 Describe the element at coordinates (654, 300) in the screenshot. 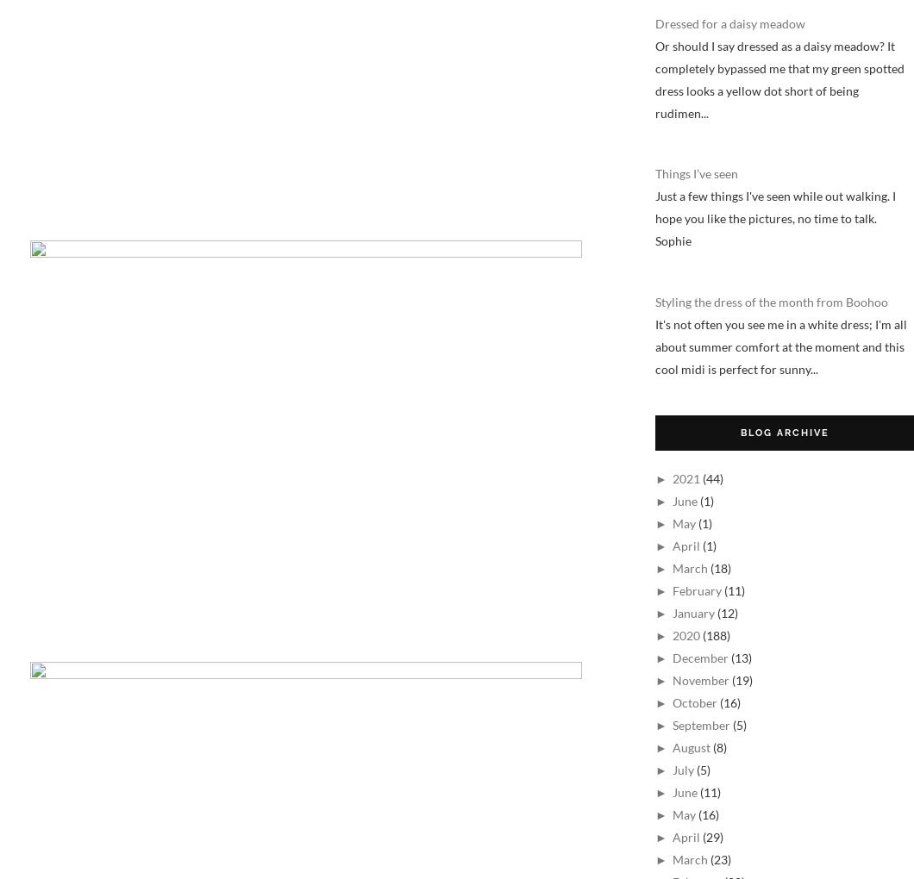

I see `'Styling the dress of the month from Boohoo'` at that location.